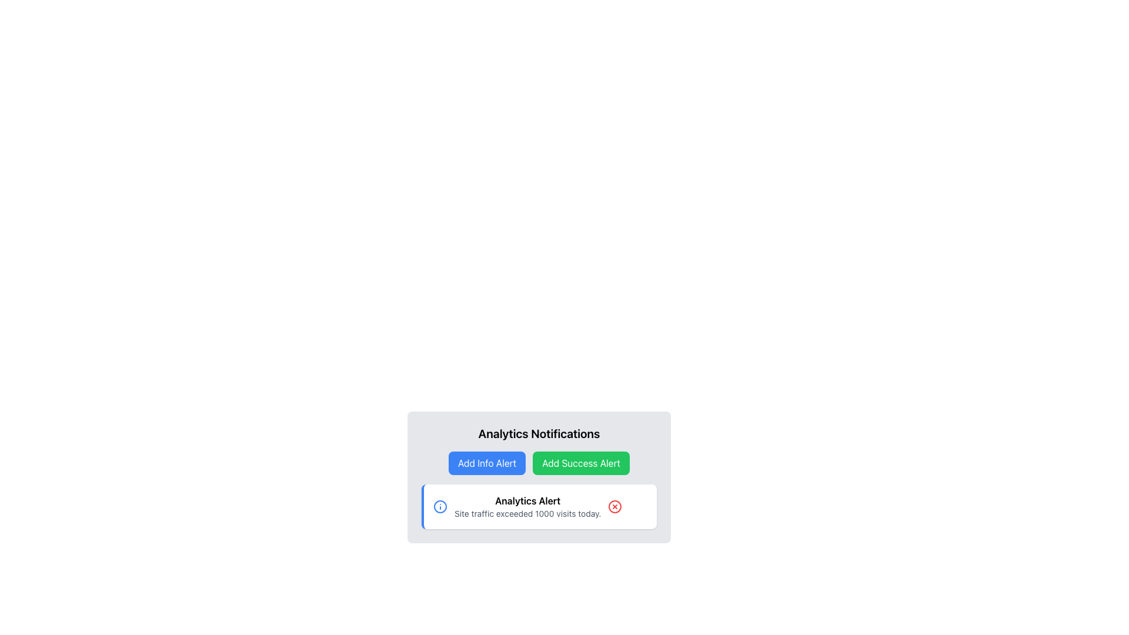 The height and width of the screenshot is (635, 1129). Describe the element at coordinates (527, 513) in the screenshot. I see `the informational message about site traffic exceeding 1000 visits` at that location.